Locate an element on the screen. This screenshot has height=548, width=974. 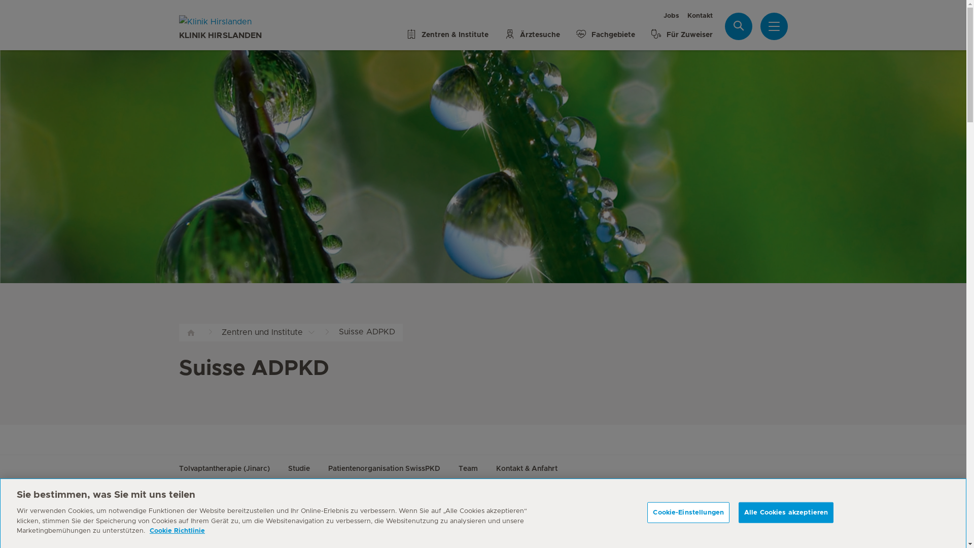
'Suche' is located at coordinates (733, 25).